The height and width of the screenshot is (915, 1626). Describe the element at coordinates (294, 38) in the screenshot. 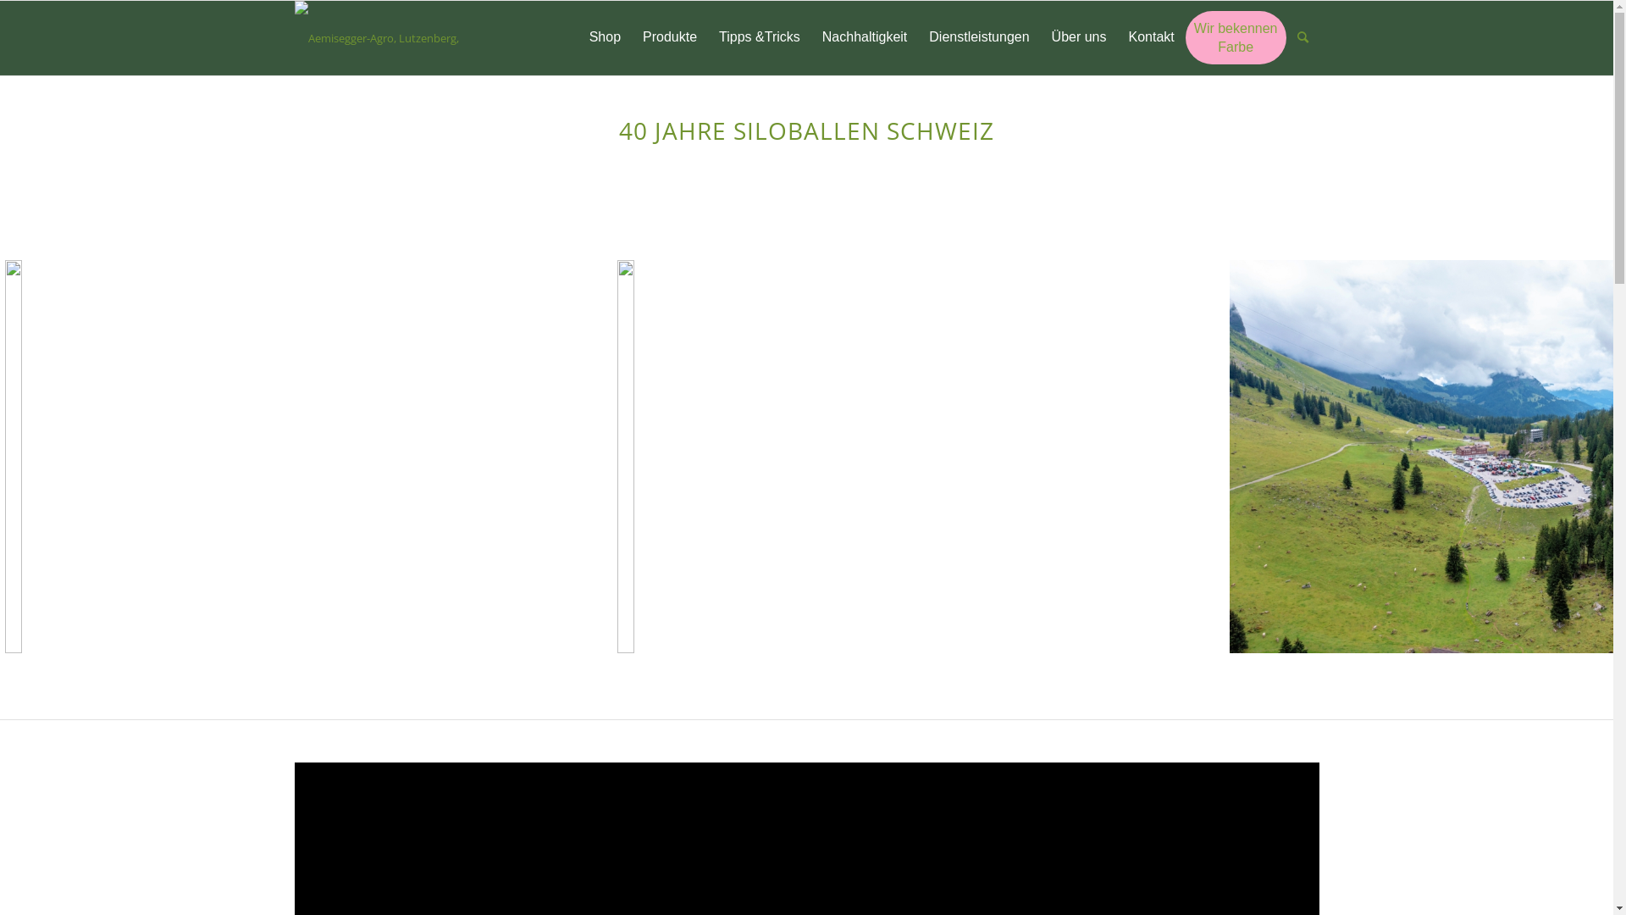

I see `'456'` at that location.